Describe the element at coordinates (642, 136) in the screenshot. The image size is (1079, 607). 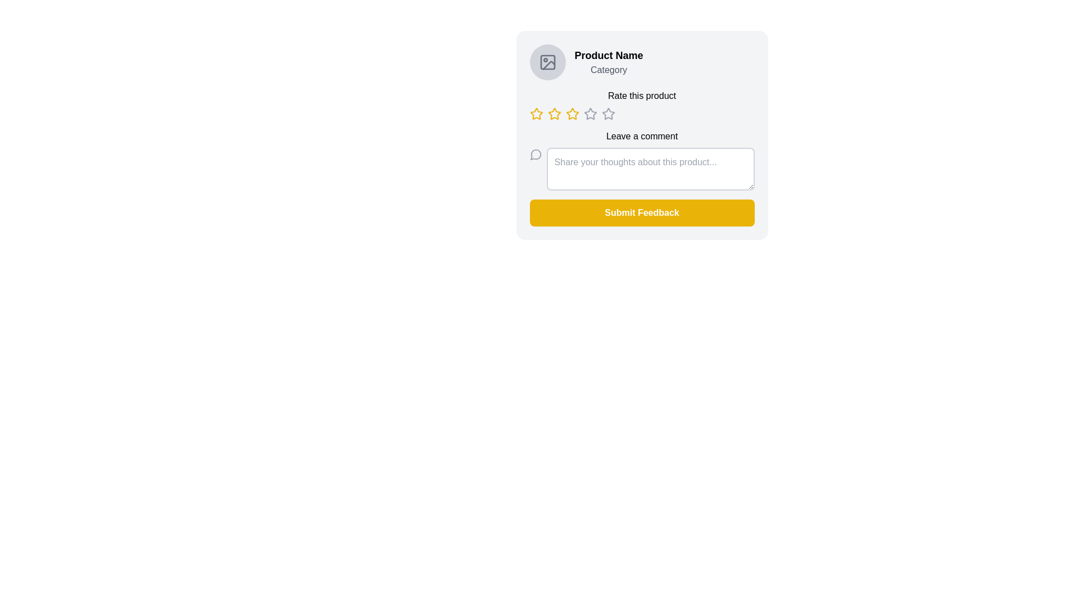
I see `the text label that instructs users to leave a comment, located centrally beneath the star rating row and above the comment input field` at that location.